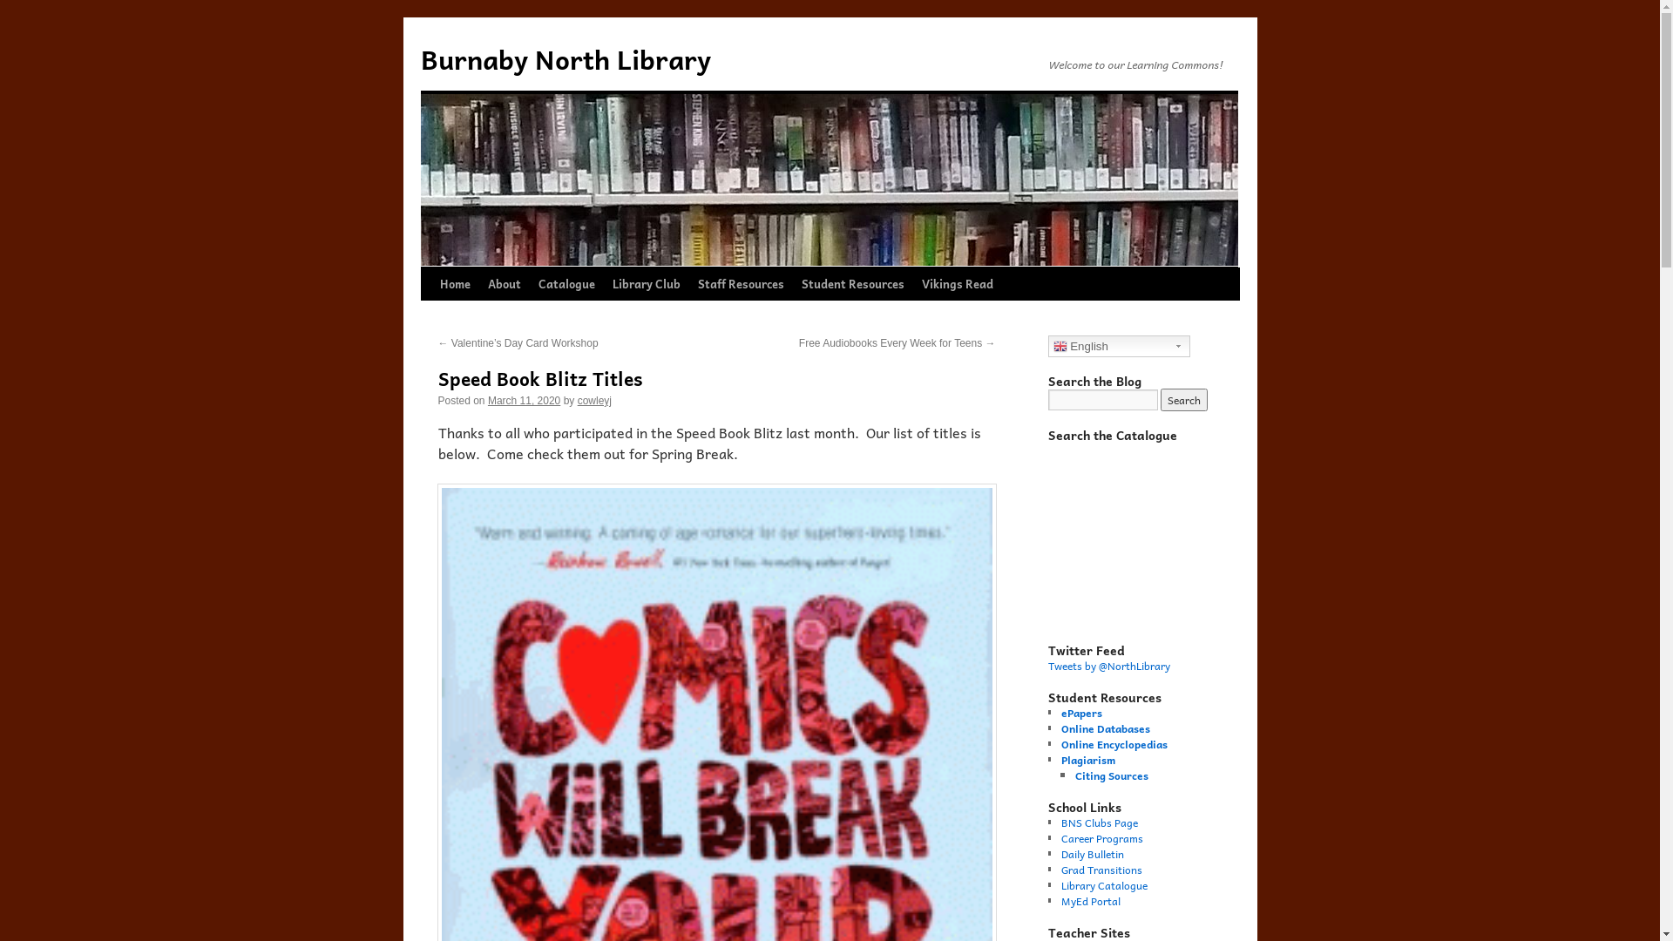 Image resolution: width=1673 pixels, height=941 pixels. I want to click on 'ePapers', so click(1080, 712).